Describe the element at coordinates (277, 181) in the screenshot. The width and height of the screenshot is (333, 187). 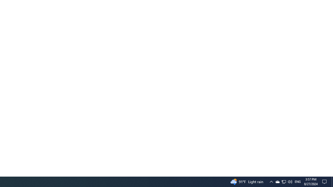
I see `'Notification Chevron'` at that location.